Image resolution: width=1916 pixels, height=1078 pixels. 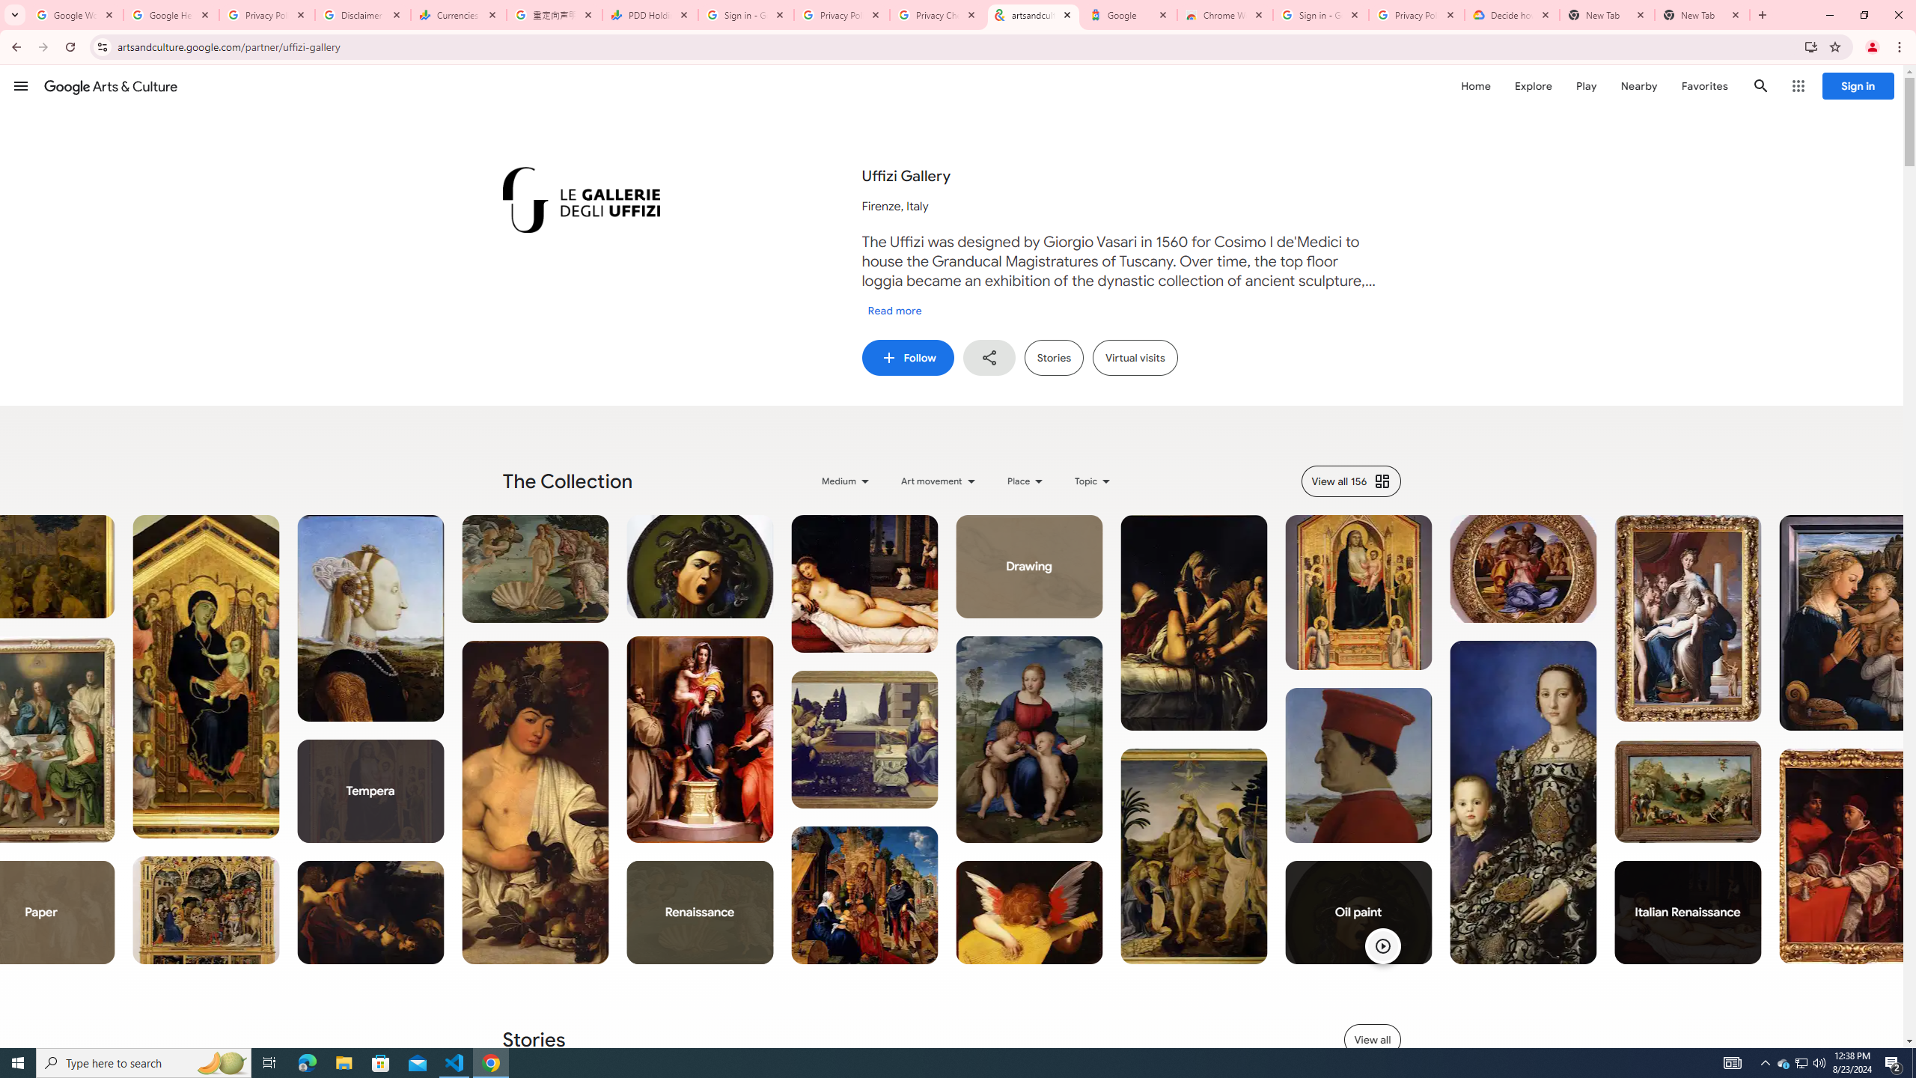 I want to click on 'Google', so click(x=1129, y=14).